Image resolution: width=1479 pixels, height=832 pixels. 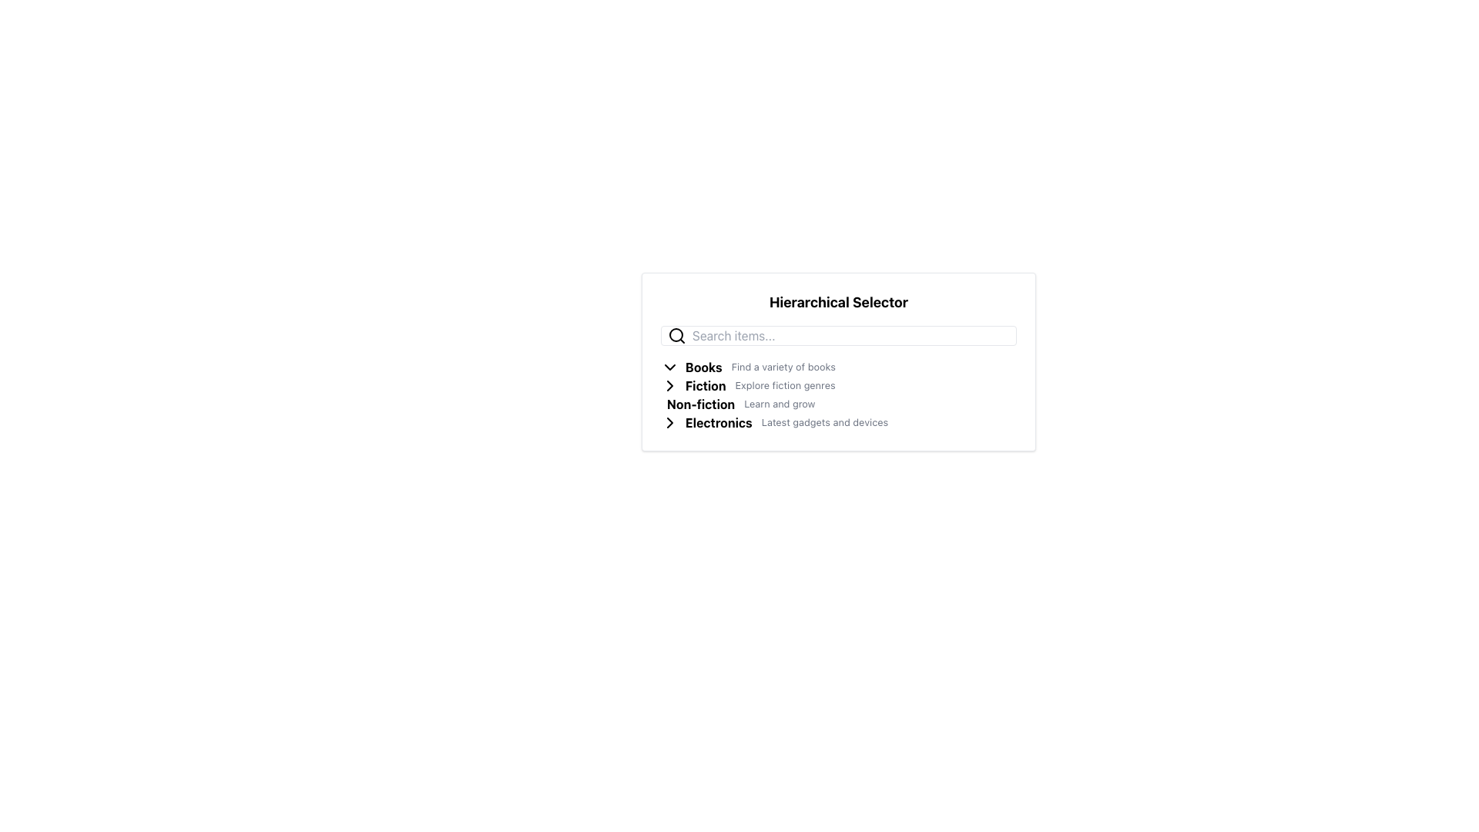 What do you see at coordinates (838, 367) in the screenshot?
I see `the first category selector for 'Books'` at bounding box center [838, 367].